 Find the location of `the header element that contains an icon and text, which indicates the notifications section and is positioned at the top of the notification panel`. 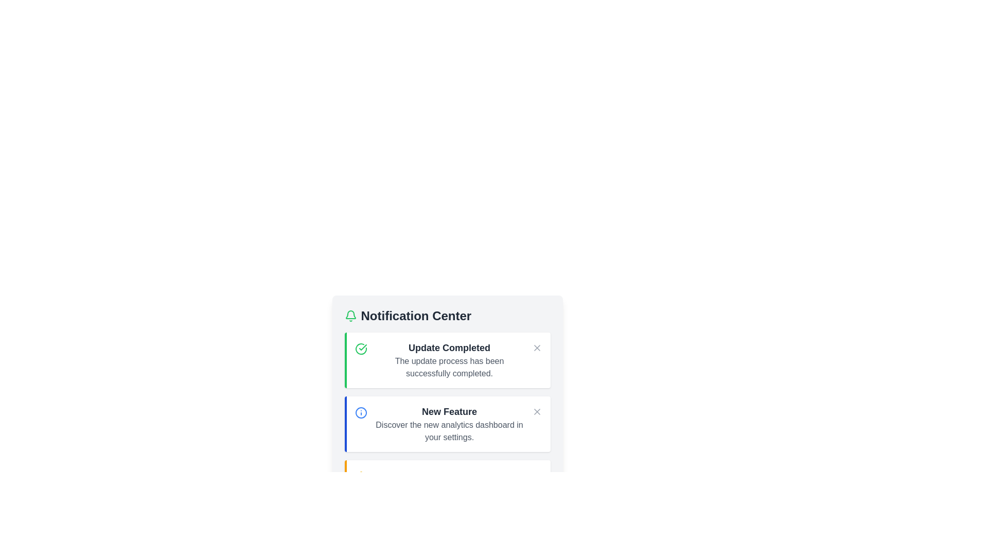

the header element that contains an icon and text, which indicates the notifications section and is positioned at the top of the notification panel is located at coordinates (447, 315).